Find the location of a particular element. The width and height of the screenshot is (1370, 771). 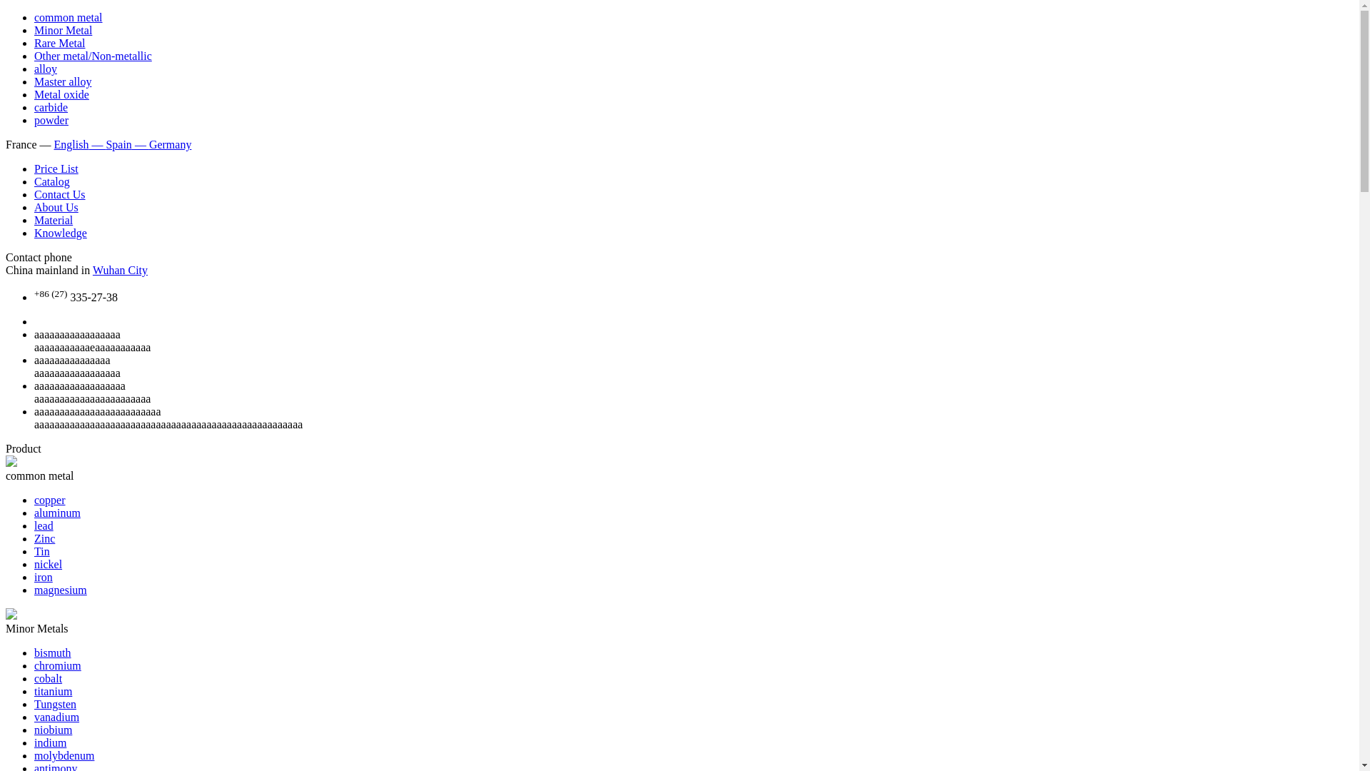

'bismuth' is located at coordinates (34, 652).